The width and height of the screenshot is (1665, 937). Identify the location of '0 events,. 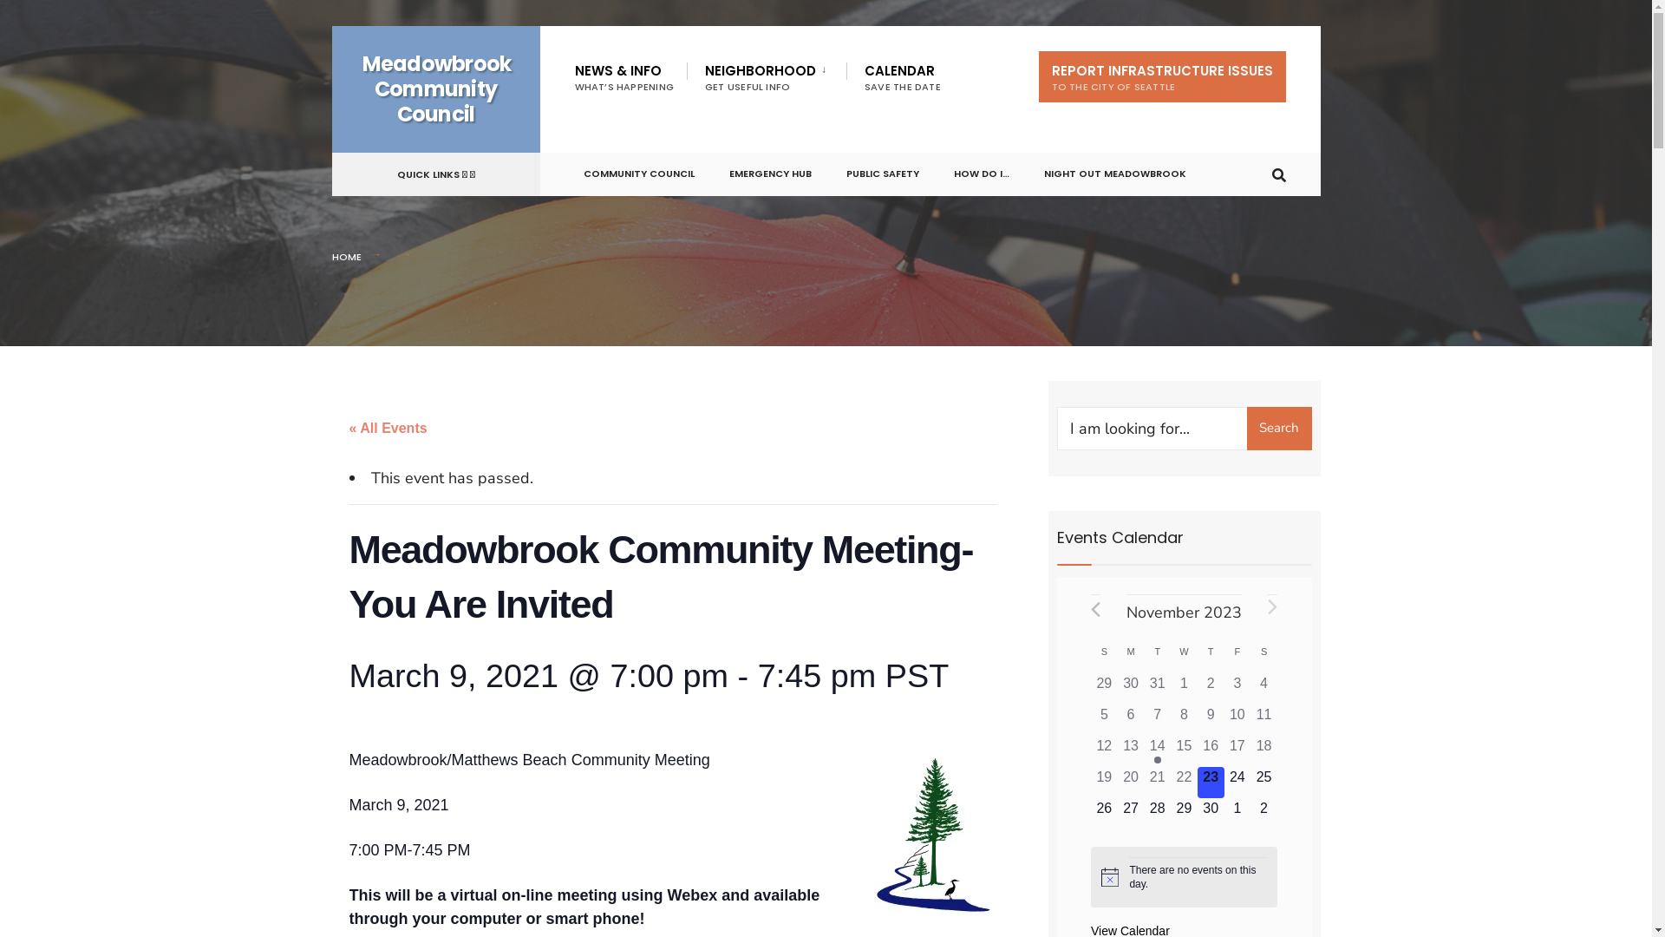
(1131, 783).